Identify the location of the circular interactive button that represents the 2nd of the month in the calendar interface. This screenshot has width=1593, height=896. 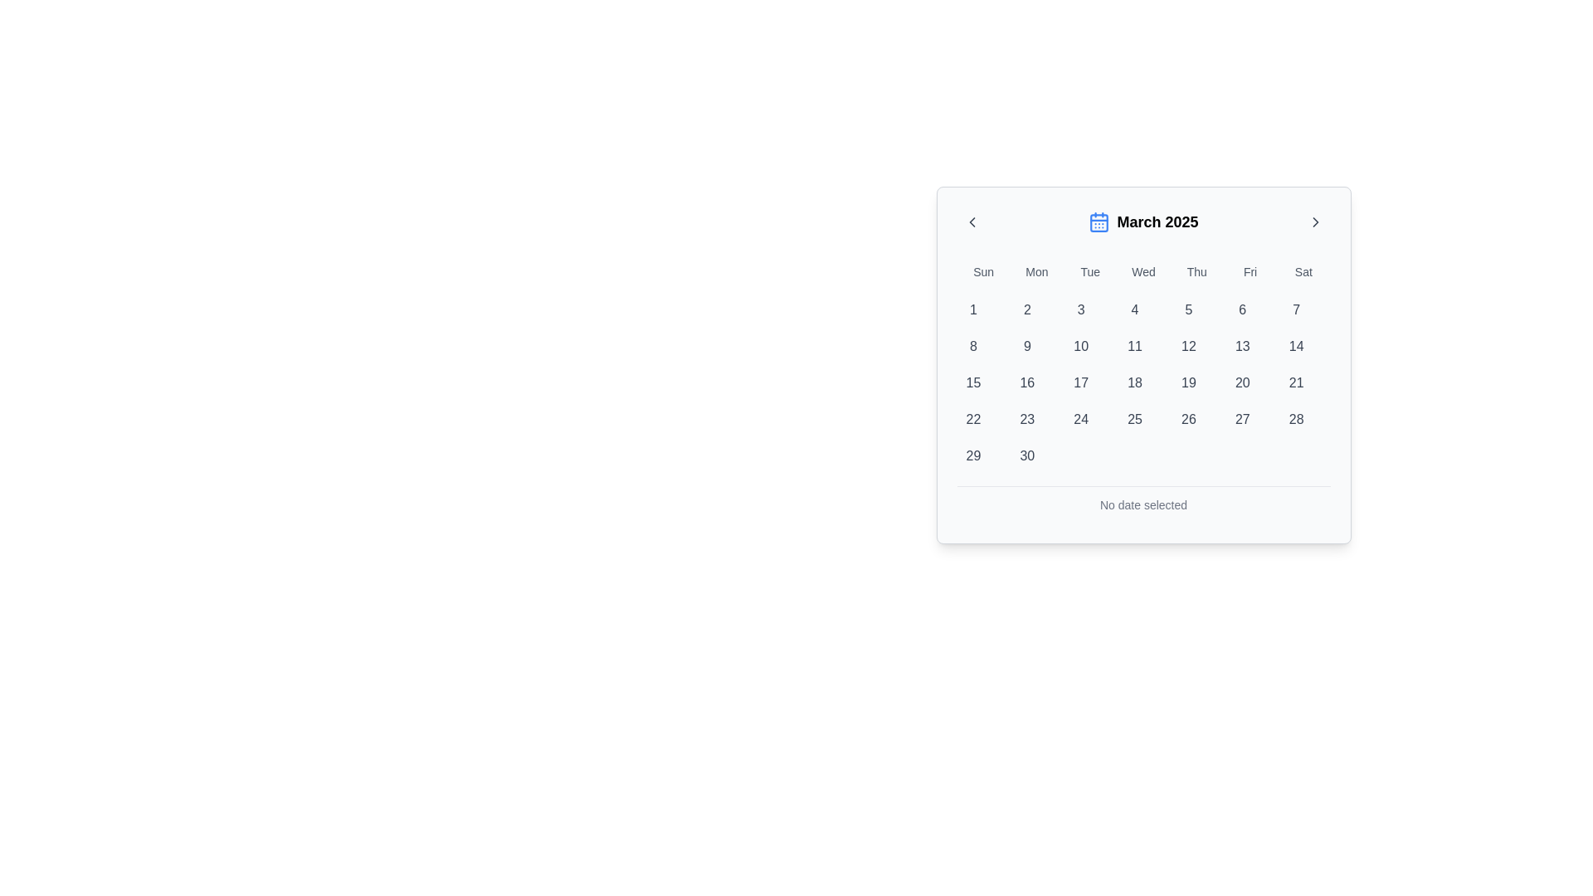
(1026, 310).